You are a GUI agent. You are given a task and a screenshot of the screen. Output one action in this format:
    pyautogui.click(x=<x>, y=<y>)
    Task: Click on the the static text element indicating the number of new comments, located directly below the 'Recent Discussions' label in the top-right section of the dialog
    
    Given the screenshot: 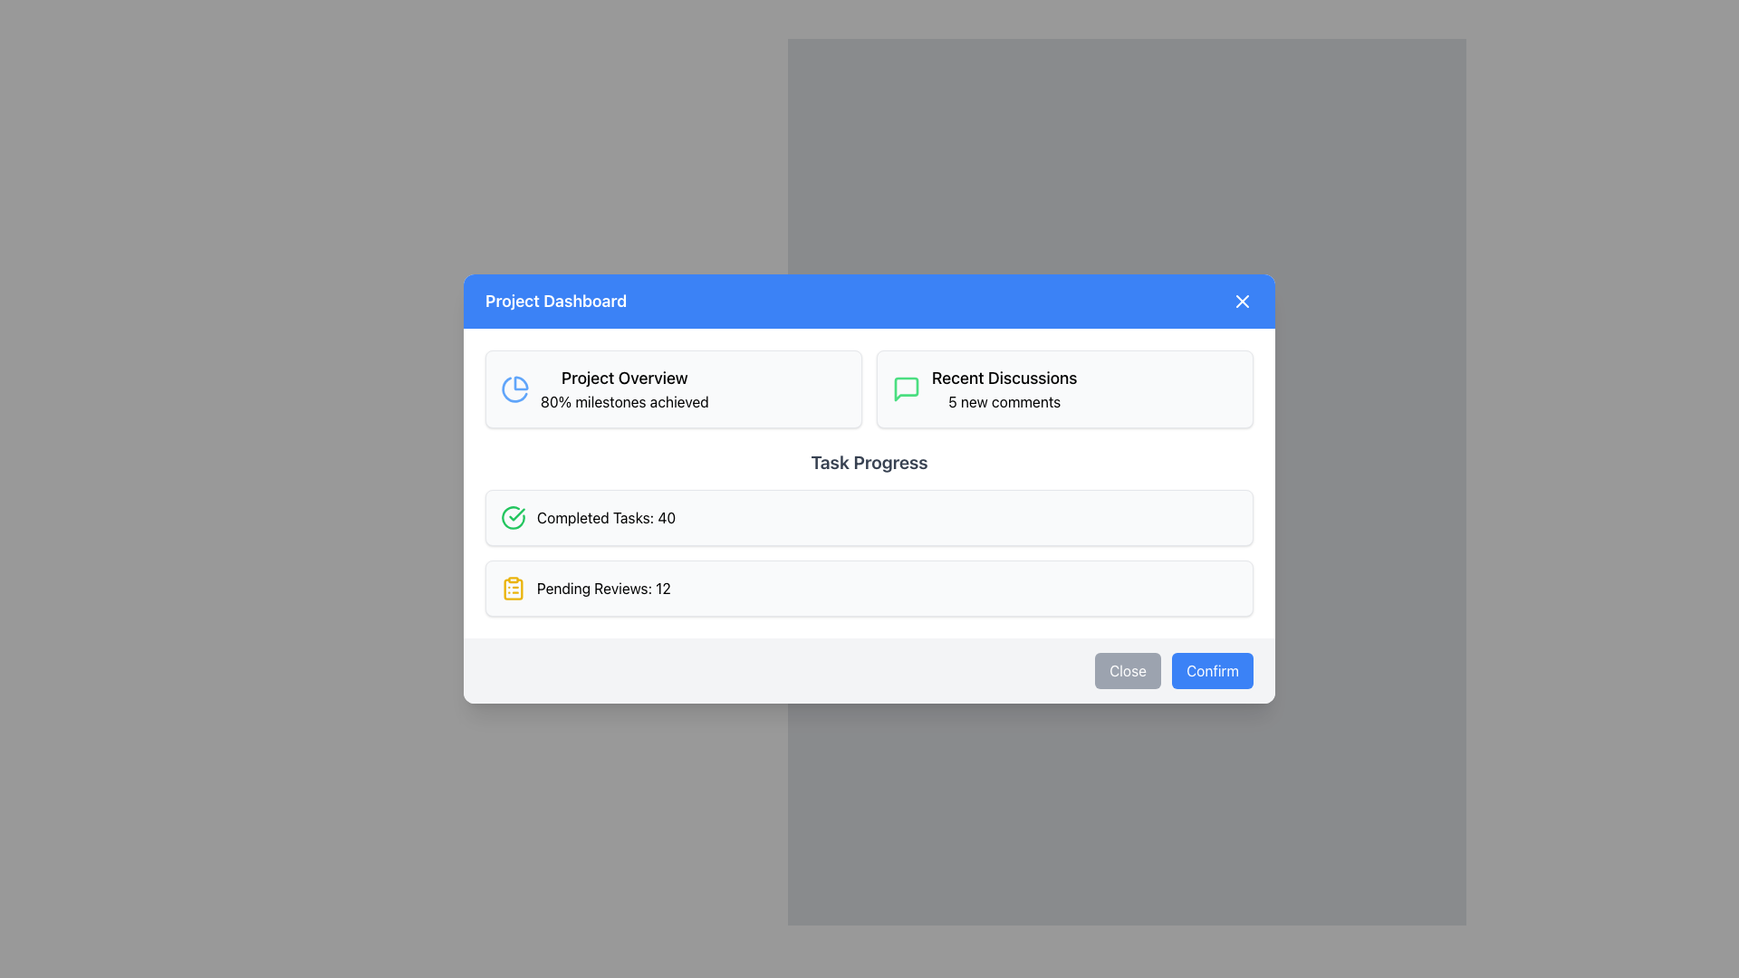 What is the action you would take?
    pyautogui.click(x=1004, y=400)
    